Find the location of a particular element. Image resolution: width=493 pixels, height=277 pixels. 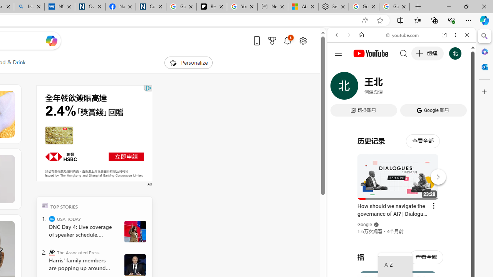

'Aberdeen, Hong Kong SAR hourly forecast | Microsoft Weather' is located at coordinates (302, 7).